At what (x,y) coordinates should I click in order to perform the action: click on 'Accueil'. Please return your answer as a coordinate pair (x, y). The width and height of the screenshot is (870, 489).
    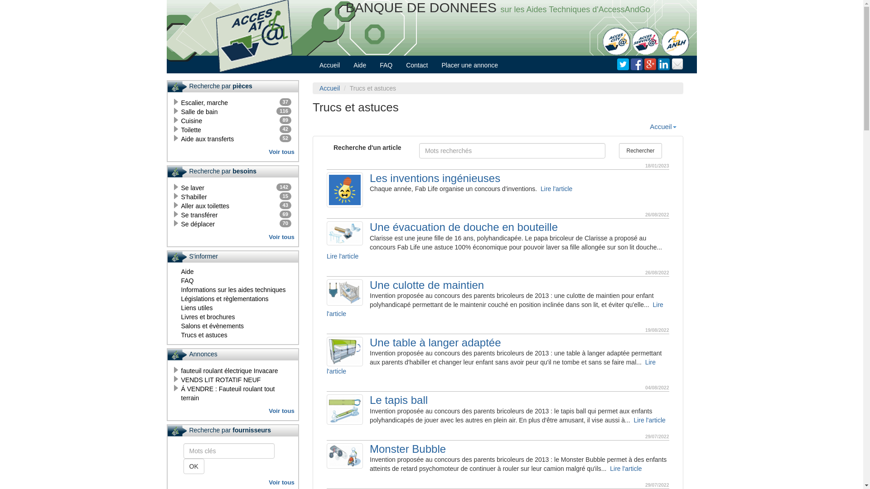
    Looking at the image, I should click on (329, 88).